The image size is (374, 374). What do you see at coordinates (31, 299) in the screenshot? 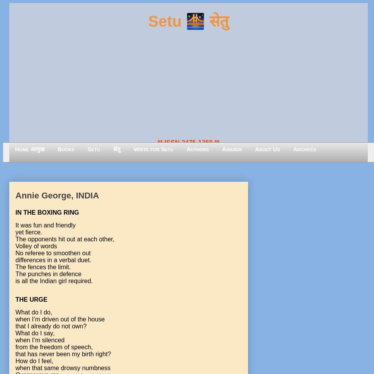
I see `'THE URGE'` at bounding box center [31, 299].